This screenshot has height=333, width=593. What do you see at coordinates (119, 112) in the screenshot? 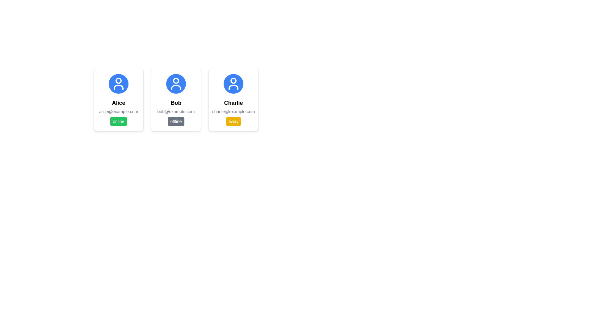
I see `the static text displaying the email address associated with Alice, located below her name and above the online status button` at bounding box center [119, 112].